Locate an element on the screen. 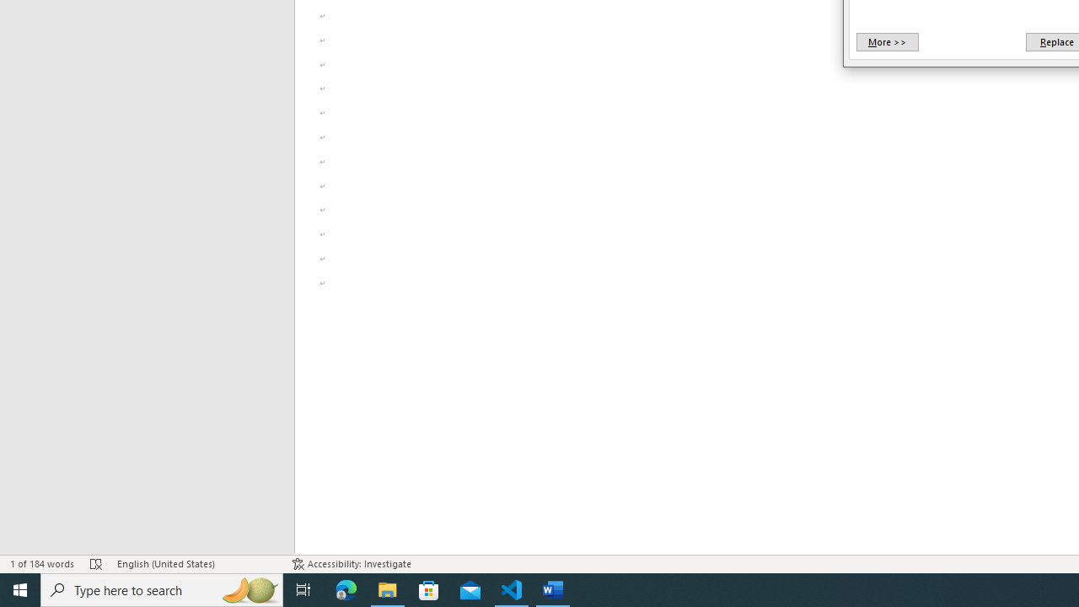 The width and height of the screenshot is (1079, 607). 'Spelling and Grammar Check Errors' is located at coordinates (95, 564).